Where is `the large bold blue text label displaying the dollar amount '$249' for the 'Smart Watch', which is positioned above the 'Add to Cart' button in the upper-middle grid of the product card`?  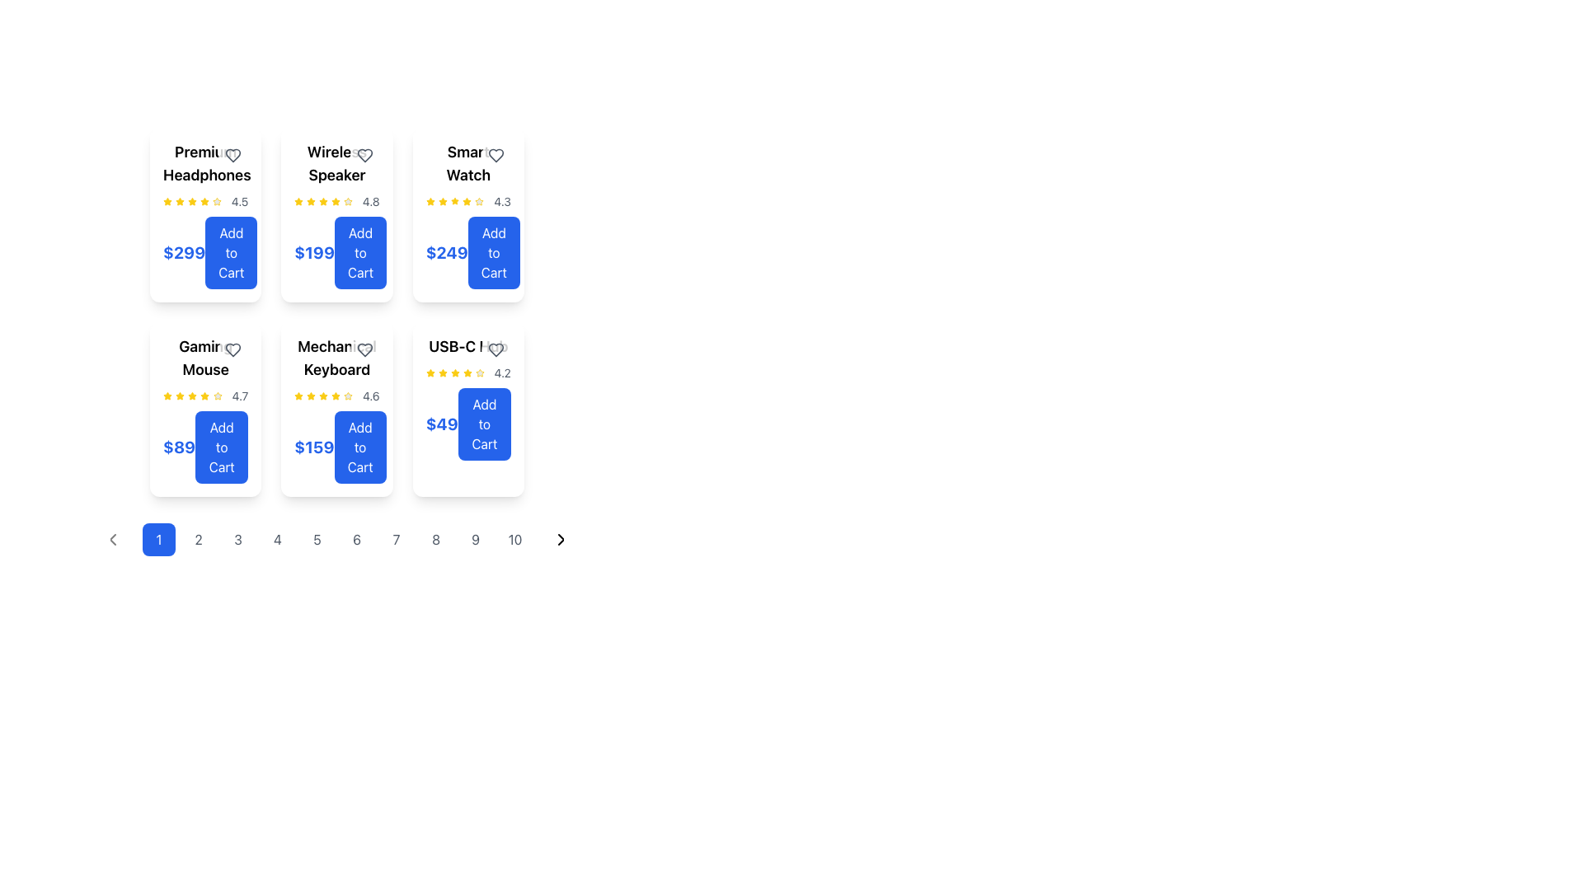
the large bold blue text label displaying the dollar amount '$249' for the 'Smart Watch', which is positioned above the 'Add to Cart' button in the upper-middle grid of the product card is located at coordinates (447, 253).